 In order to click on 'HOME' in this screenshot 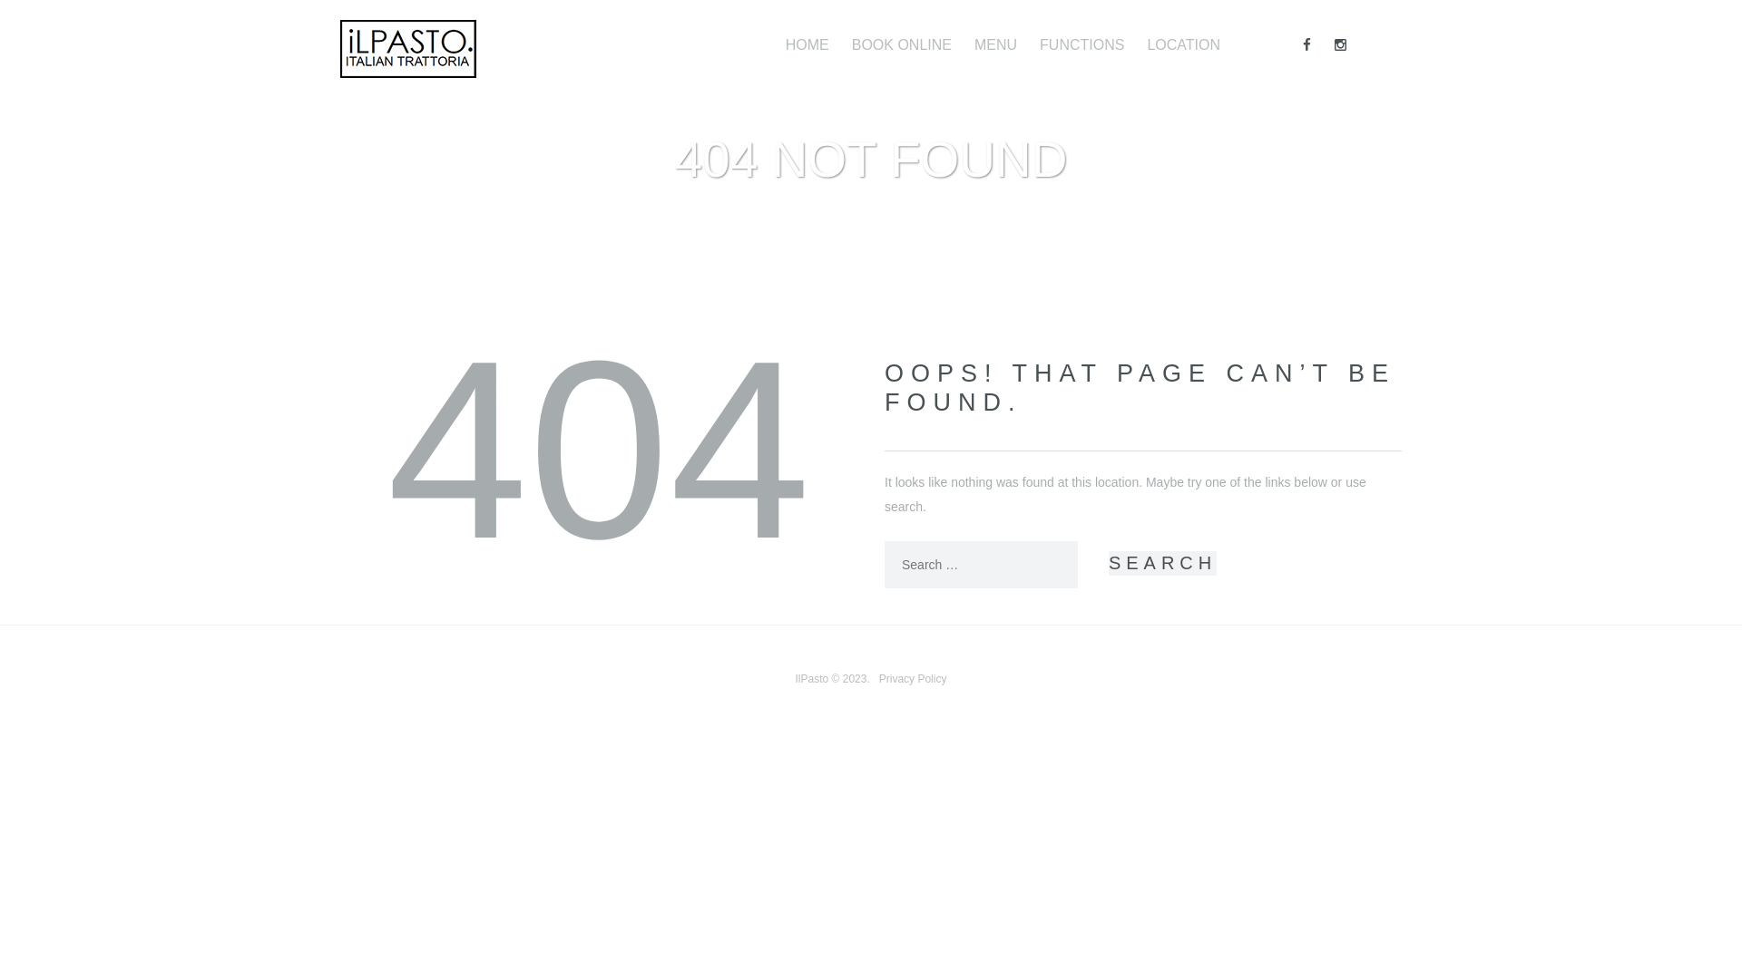, I will do `click(806, 44)`.